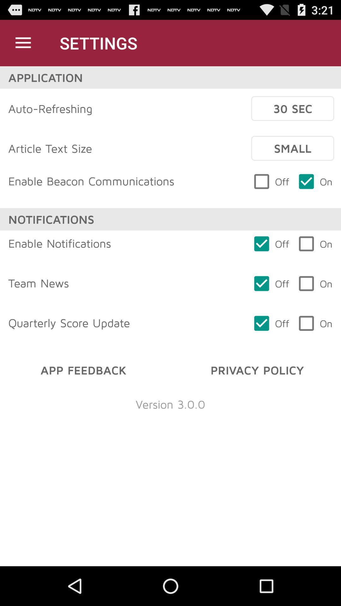 Image resolution: width=341 pixels, height=606 pixels. Describe the element at coordinates (23, 43) in the screenshot. I see `app to the left of settings` at that location.